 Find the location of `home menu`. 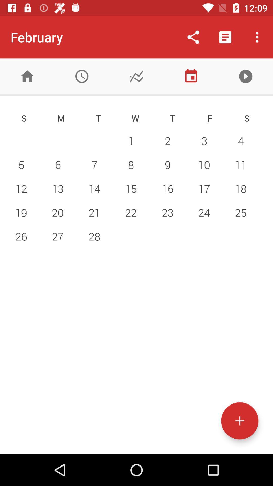

home menu is located at coordinates (27, 76).